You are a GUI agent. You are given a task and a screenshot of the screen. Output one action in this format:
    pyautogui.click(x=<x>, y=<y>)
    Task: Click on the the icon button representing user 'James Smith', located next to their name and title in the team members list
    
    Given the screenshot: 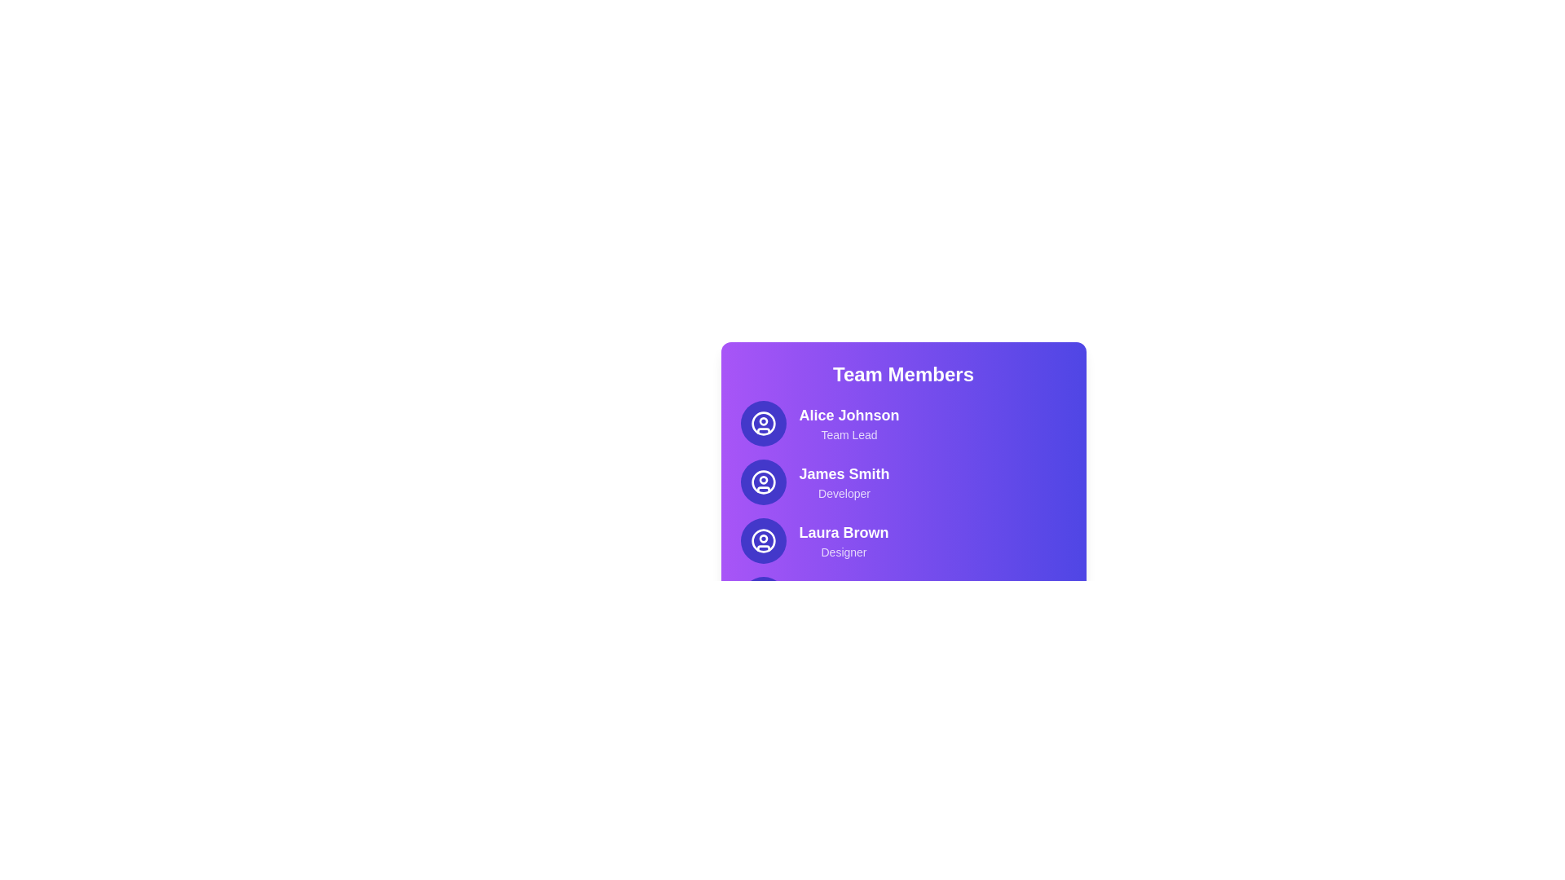 What is the action you would take?
    pyautogui.click(x=762, y=481)
    